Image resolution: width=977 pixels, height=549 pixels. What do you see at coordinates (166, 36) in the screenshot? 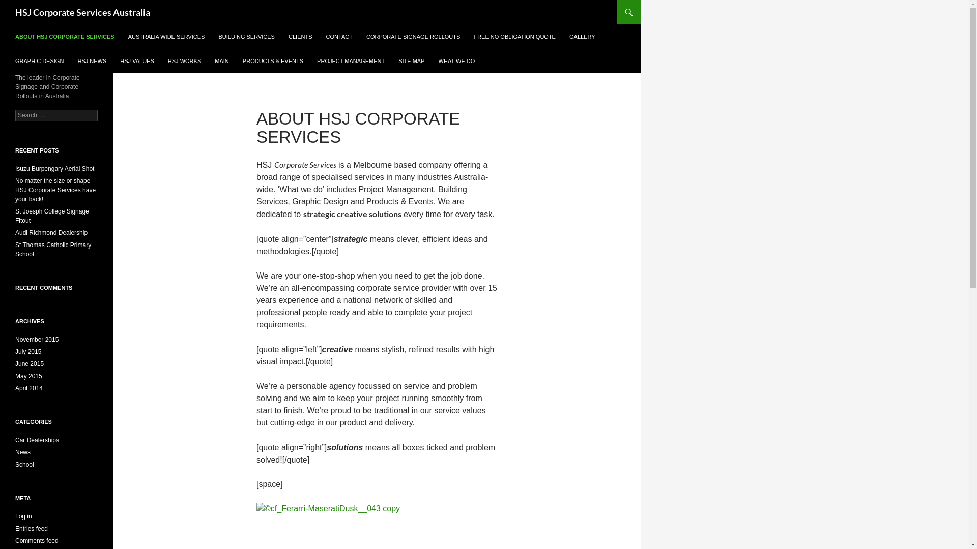
I see `'AUSTRALIA WIDE SERVICES'` at bounding box center [166, 36].